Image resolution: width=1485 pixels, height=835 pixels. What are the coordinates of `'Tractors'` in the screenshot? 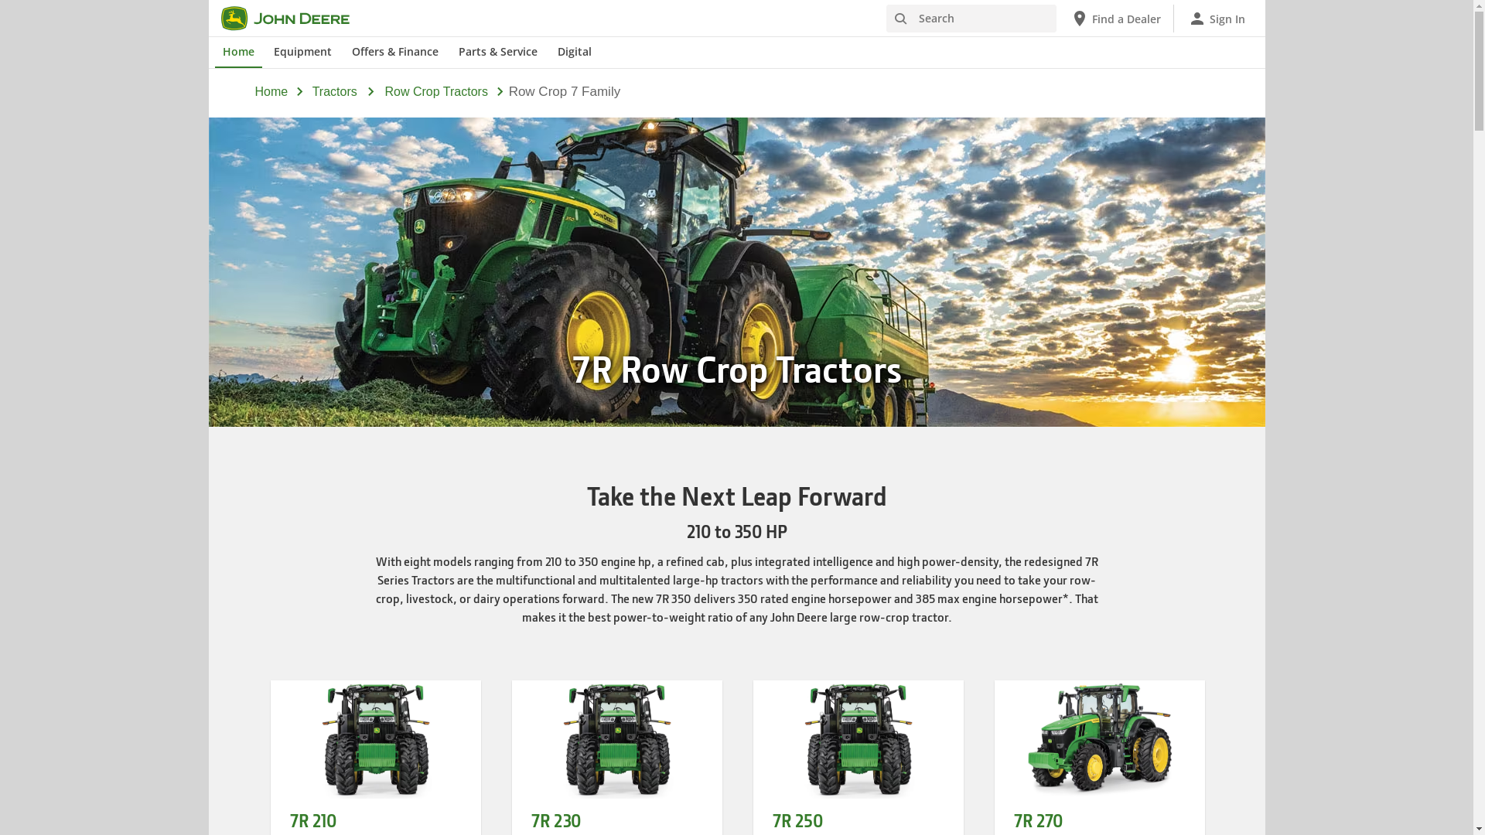 It's located at (311, 92).